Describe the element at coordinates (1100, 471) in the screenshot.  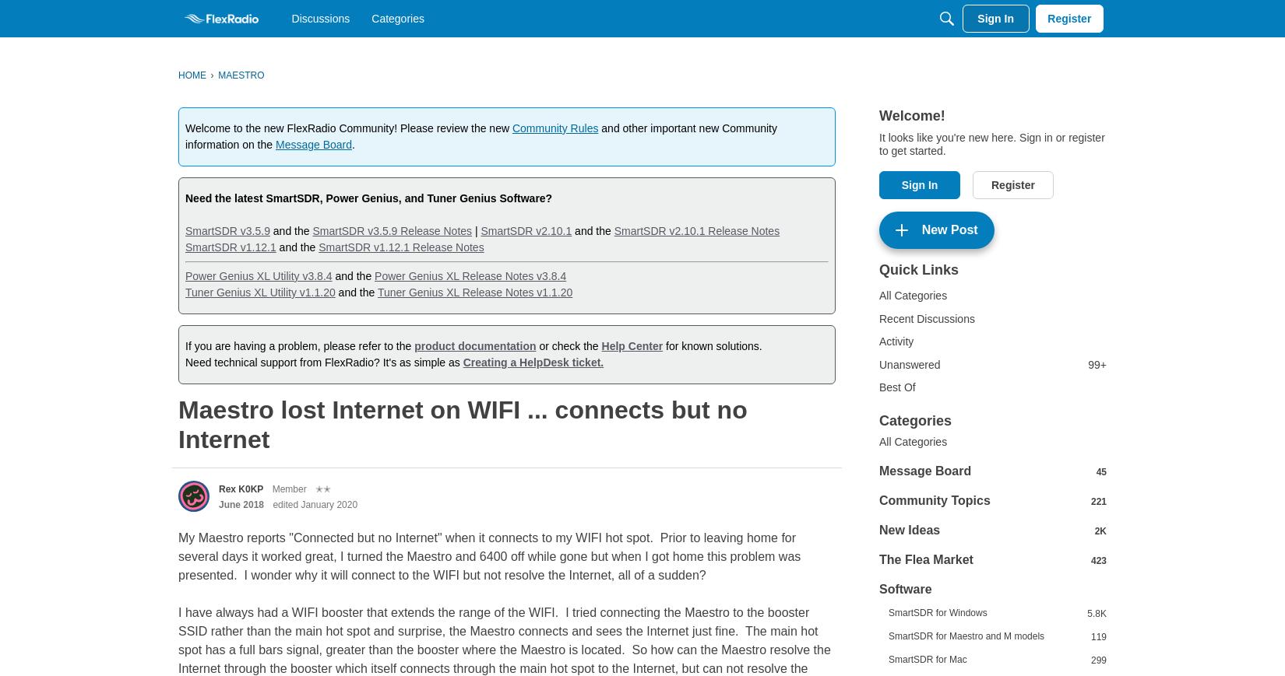
I see `'45'` at that location.